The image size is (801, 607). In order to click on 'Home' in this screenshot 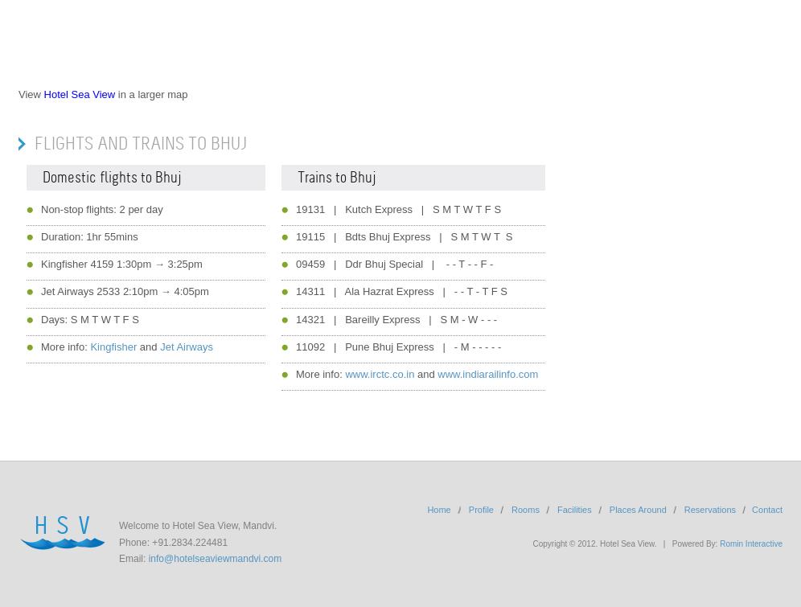, I will do `click(437, 507)`.